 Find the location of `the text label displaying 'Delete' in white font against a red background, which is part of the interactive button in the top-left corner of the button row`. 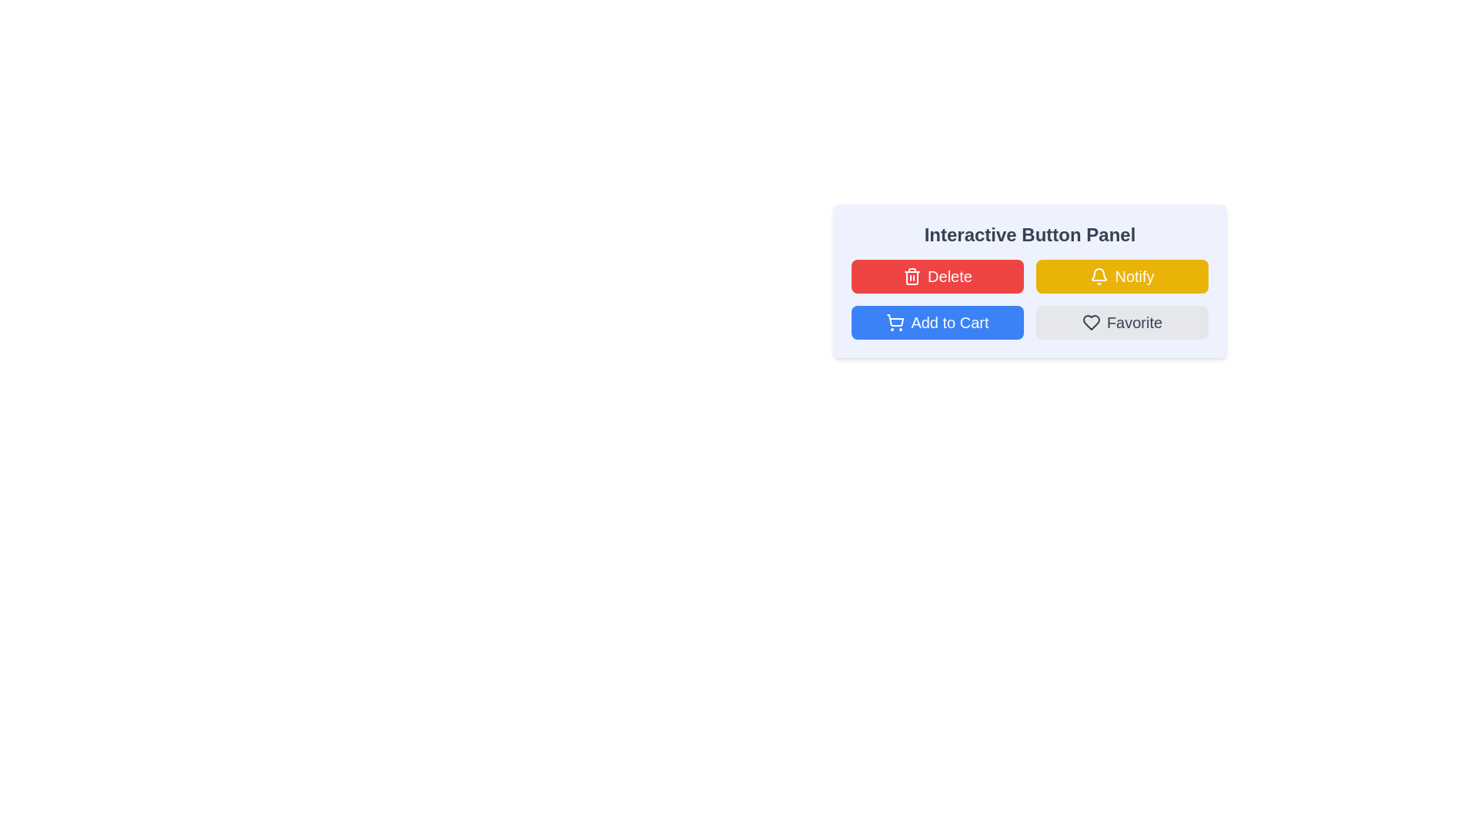

the text label displaying 'Delete' in white font against a red background, which is part of the interactive button in the top-left corner of the button row is located at coordinates (949, 275).